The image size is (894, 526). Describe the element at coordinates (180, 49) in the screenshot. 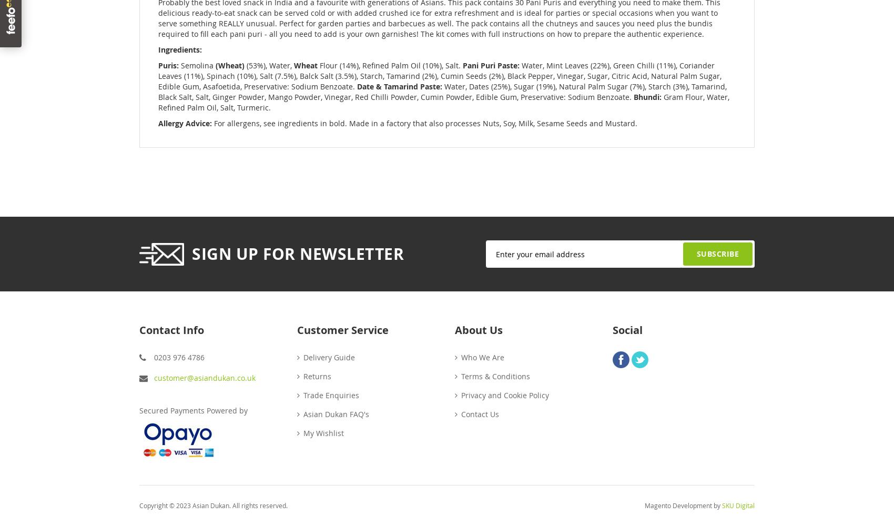

I see `'Ingredients:'` at that location.